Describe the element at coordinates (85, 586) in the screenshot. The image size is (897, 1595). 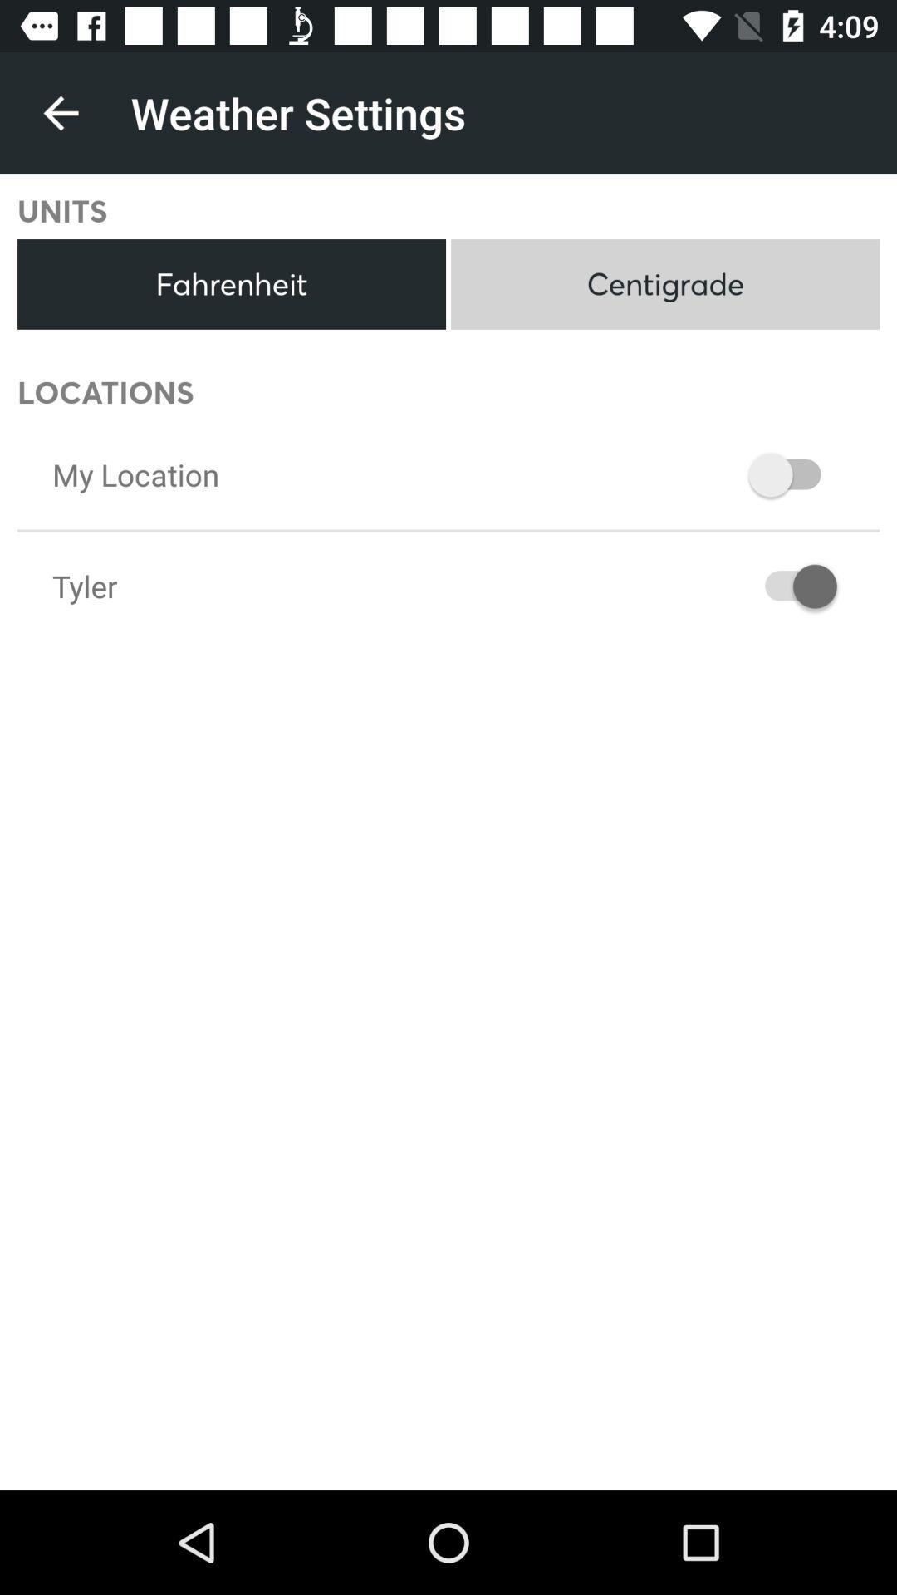
I see `the item on the left` at that location.